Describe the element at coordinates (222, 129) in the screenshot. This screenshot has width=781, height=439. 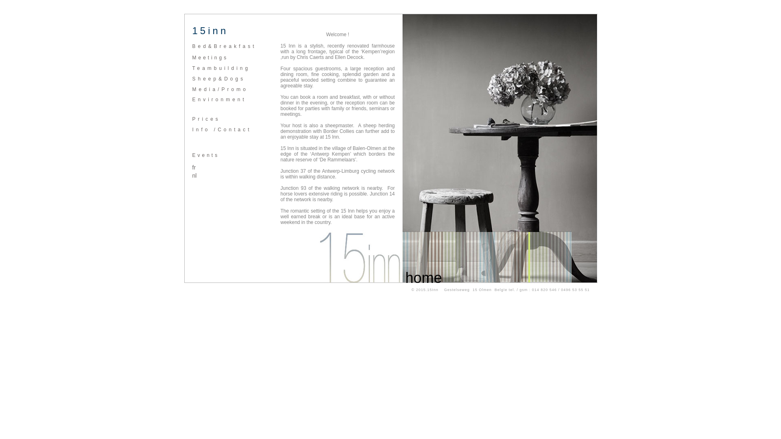
I see `'Info /Contact'` at that location.